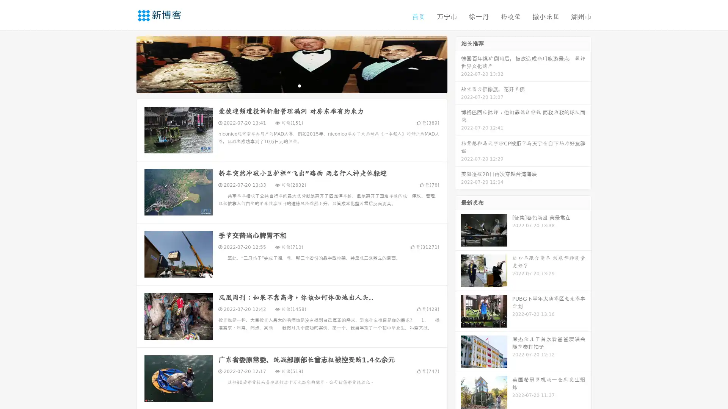 The image size is (728, 409). Describe the element at coordinates (291, 85) in the screenshot. I see `Go to slide 2` at that location.